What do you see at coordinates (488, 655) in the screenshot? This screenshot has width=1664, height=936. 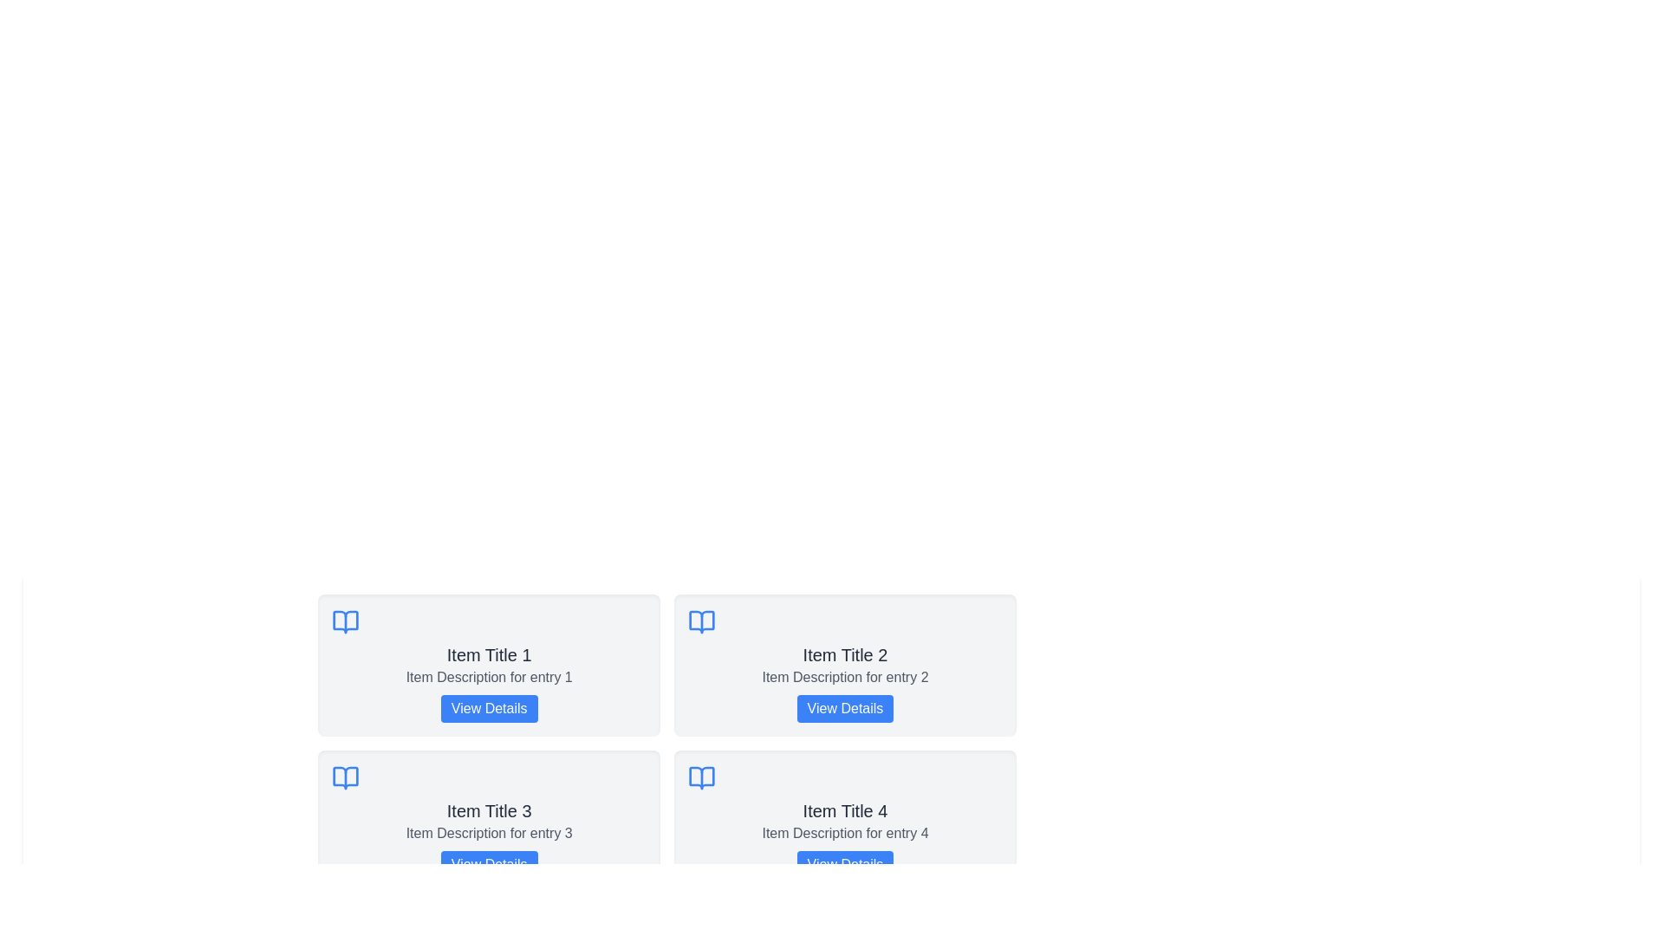 I see `the title text that serves as a heading for the associated item` at bounding box center [488, 655].